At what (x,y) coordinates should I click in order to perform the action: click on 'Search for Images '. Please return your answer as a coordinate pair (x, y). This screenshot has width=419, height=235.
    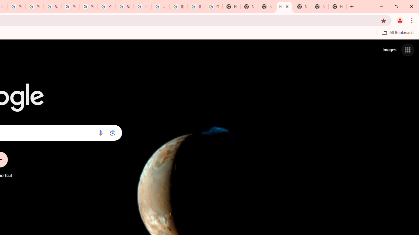
    Looking at the image, I should click on (389, 50).